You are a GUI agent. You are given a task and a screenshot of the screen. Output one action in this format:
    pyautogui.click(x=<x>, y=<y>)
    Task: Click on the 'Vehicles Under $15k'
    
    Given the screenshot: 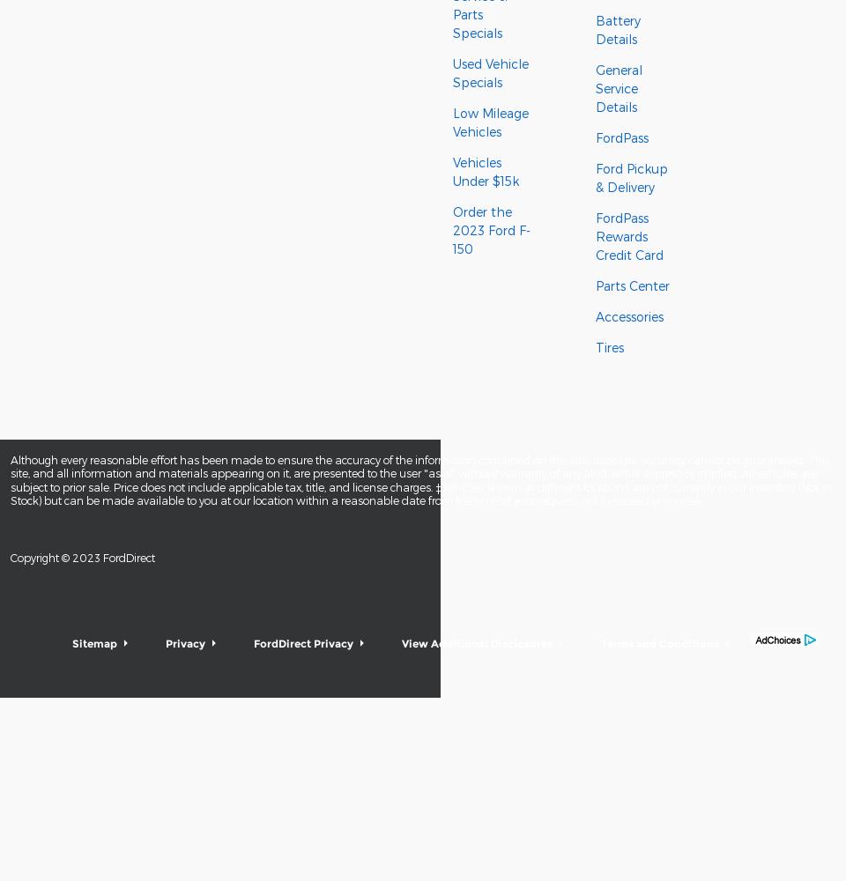 What is the action you would take?
    pyautogui.click(x=451, y=171)
    